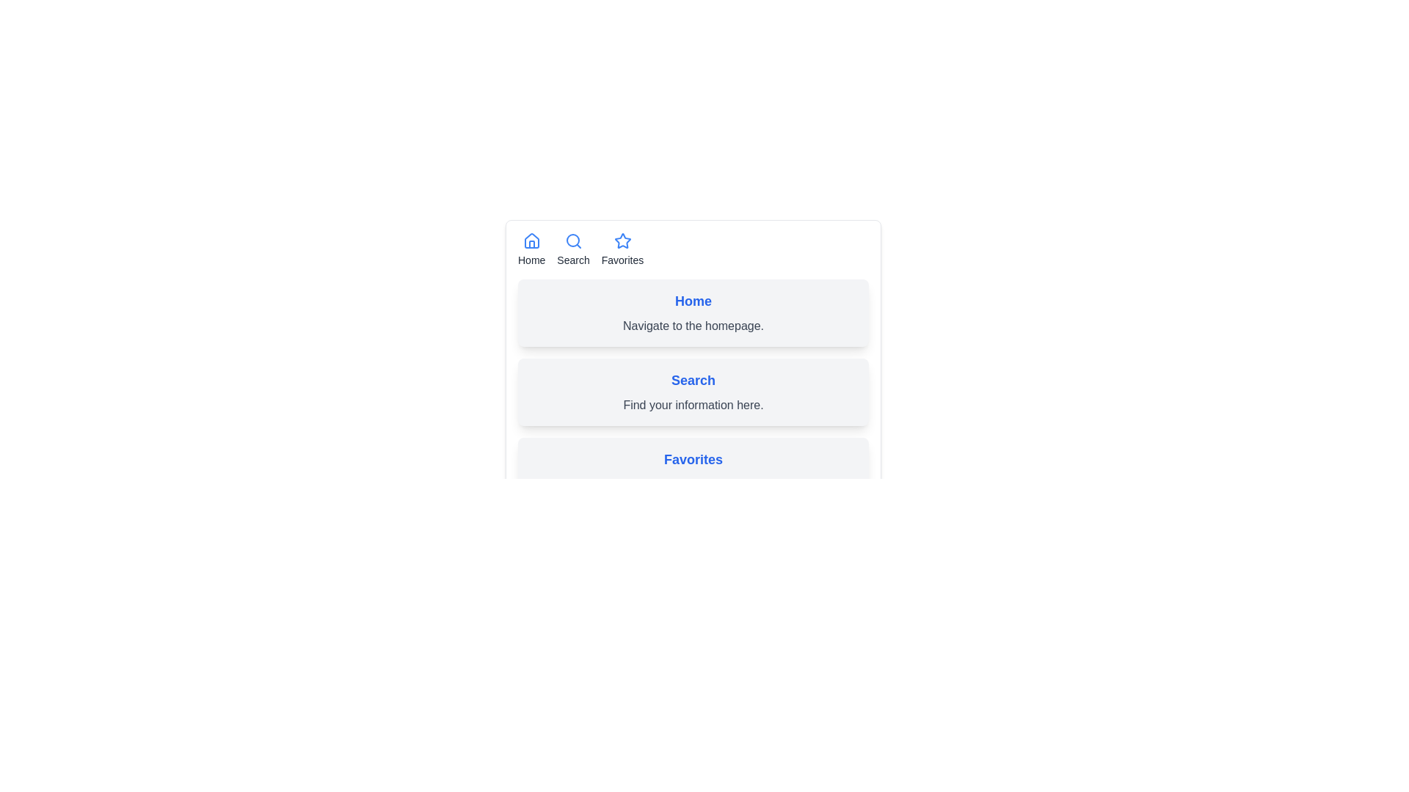 The width and height of the screenshot is (1409, 792). Describe the element at coordinates (622, 249) in the screenshot. I see `the 'Favorites' button featuring a blue star icon, located in the top navigation bar's rightmost section` at that location.